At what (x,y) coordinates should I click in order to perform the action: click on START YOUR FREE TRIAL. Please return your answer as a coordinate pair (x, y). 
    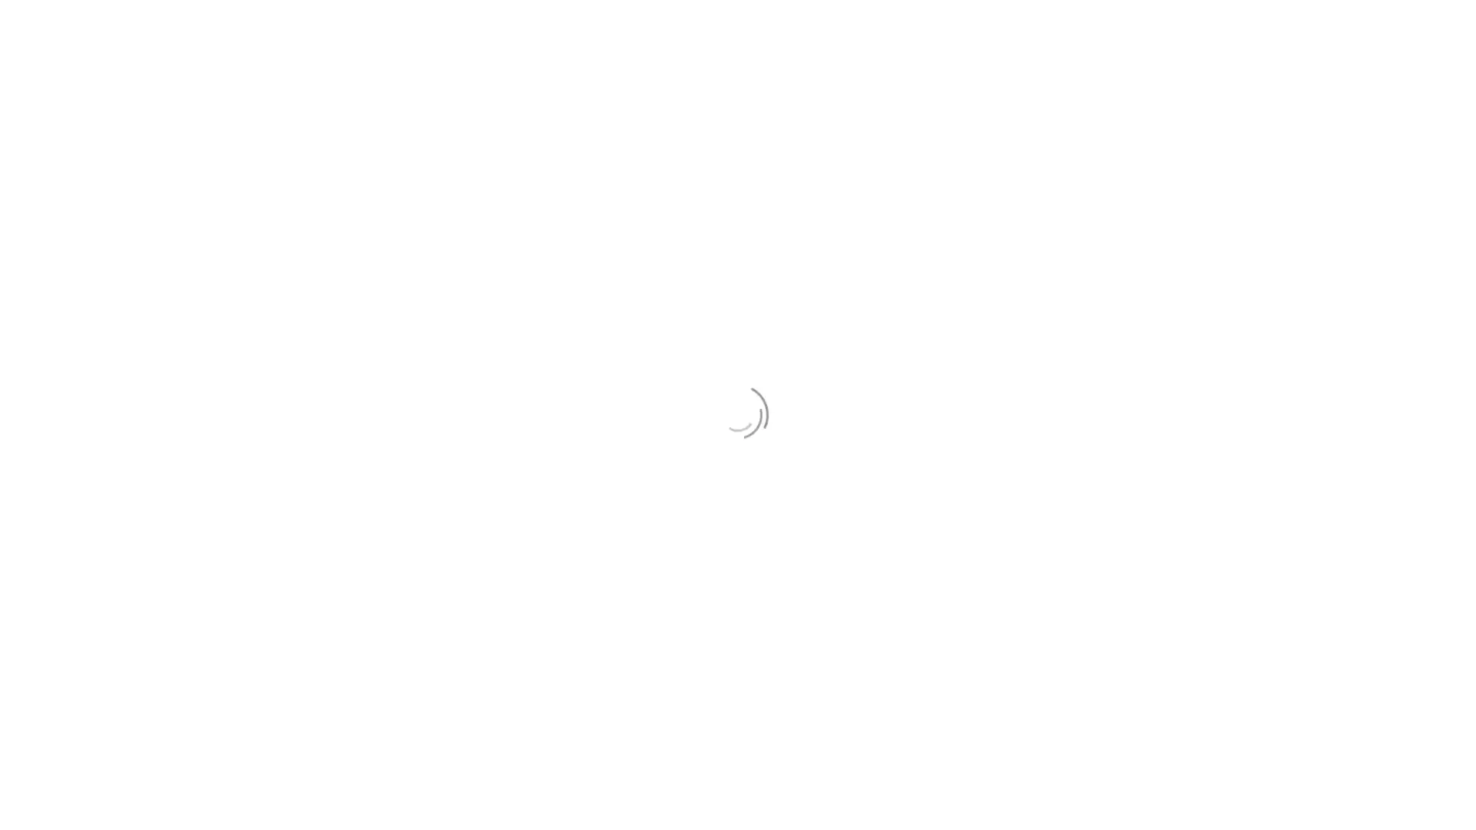
    Looking at the image, I should click on (726, 578).